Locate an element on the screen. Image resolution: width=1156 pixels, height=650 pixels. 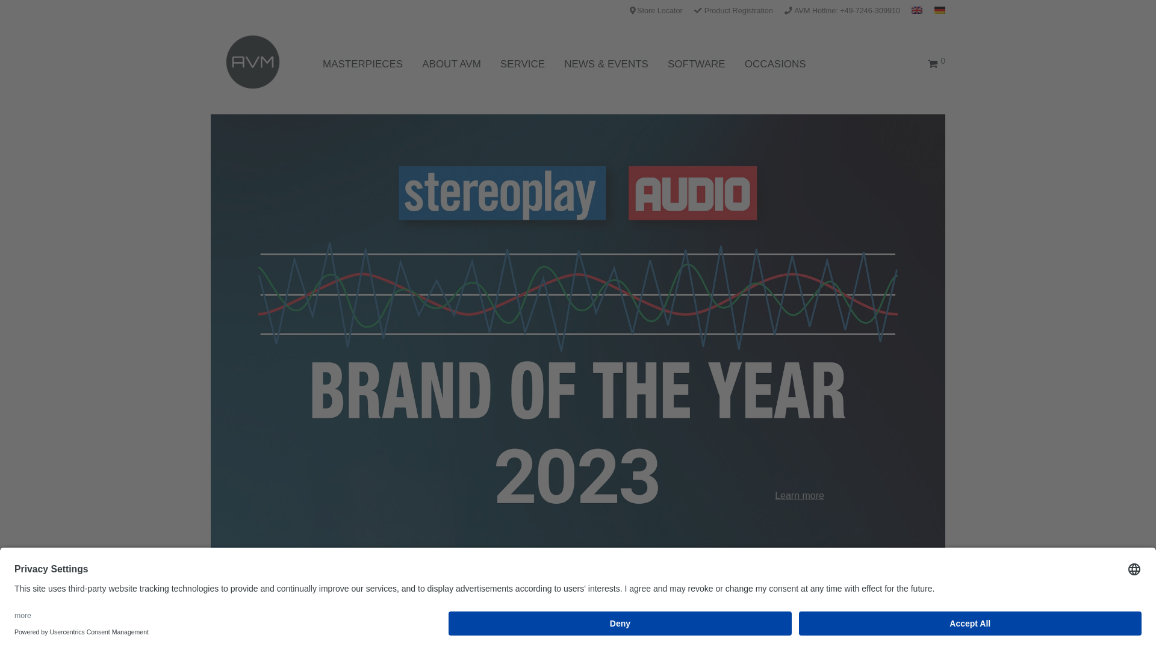
'ABOUT AVM' is located at coordinates (450, 64).